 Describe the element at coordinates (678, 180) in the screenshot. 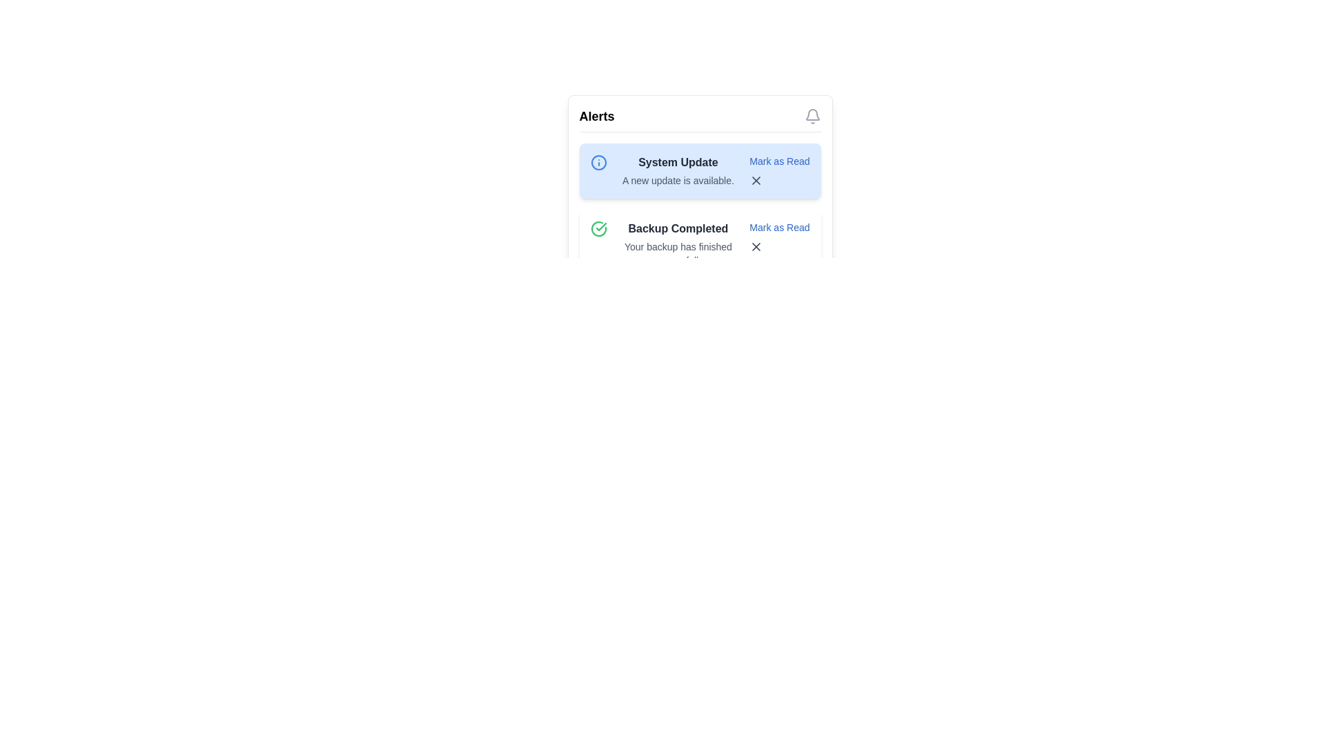

I see `the text label providing additional details about the 'System Update' notification, which is located beneath the bold title and aligned to its left in the 'Alerts' panel` at that location.